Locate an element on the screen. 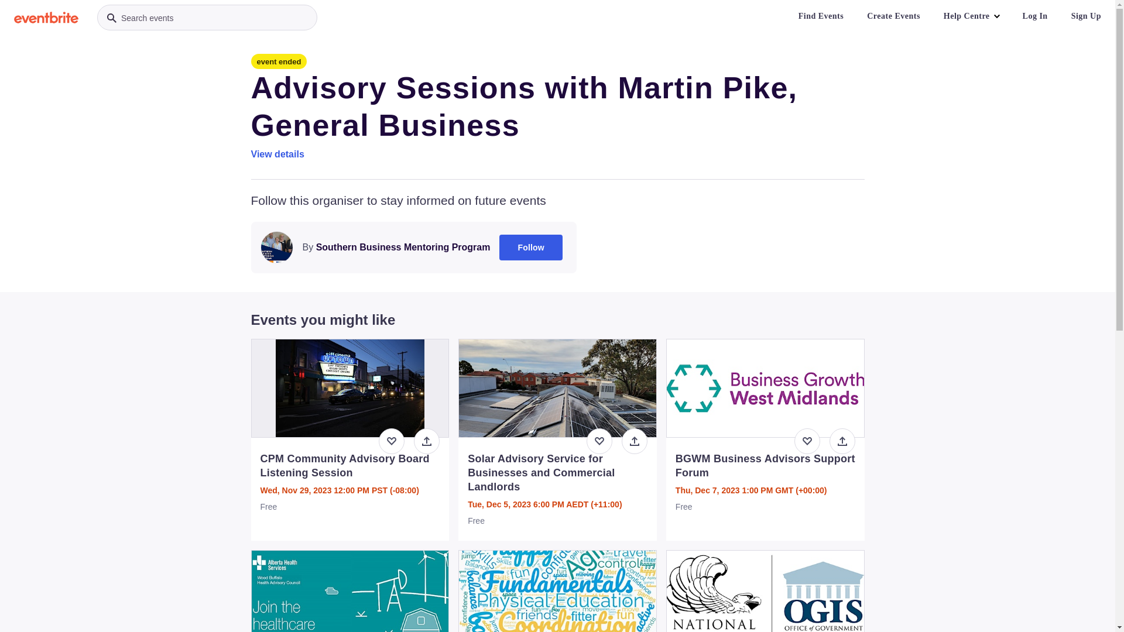 The height and width of the screenshot is (632, 1124). 'Sign Up' is located at coordinates (1062, 16).